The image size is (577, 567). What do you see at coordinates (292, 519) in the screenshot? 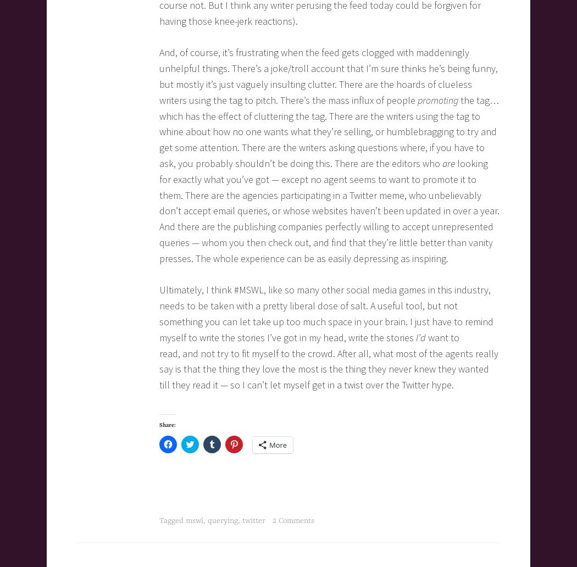
I see `'2 Comments'` at bounding box center [292, 519].